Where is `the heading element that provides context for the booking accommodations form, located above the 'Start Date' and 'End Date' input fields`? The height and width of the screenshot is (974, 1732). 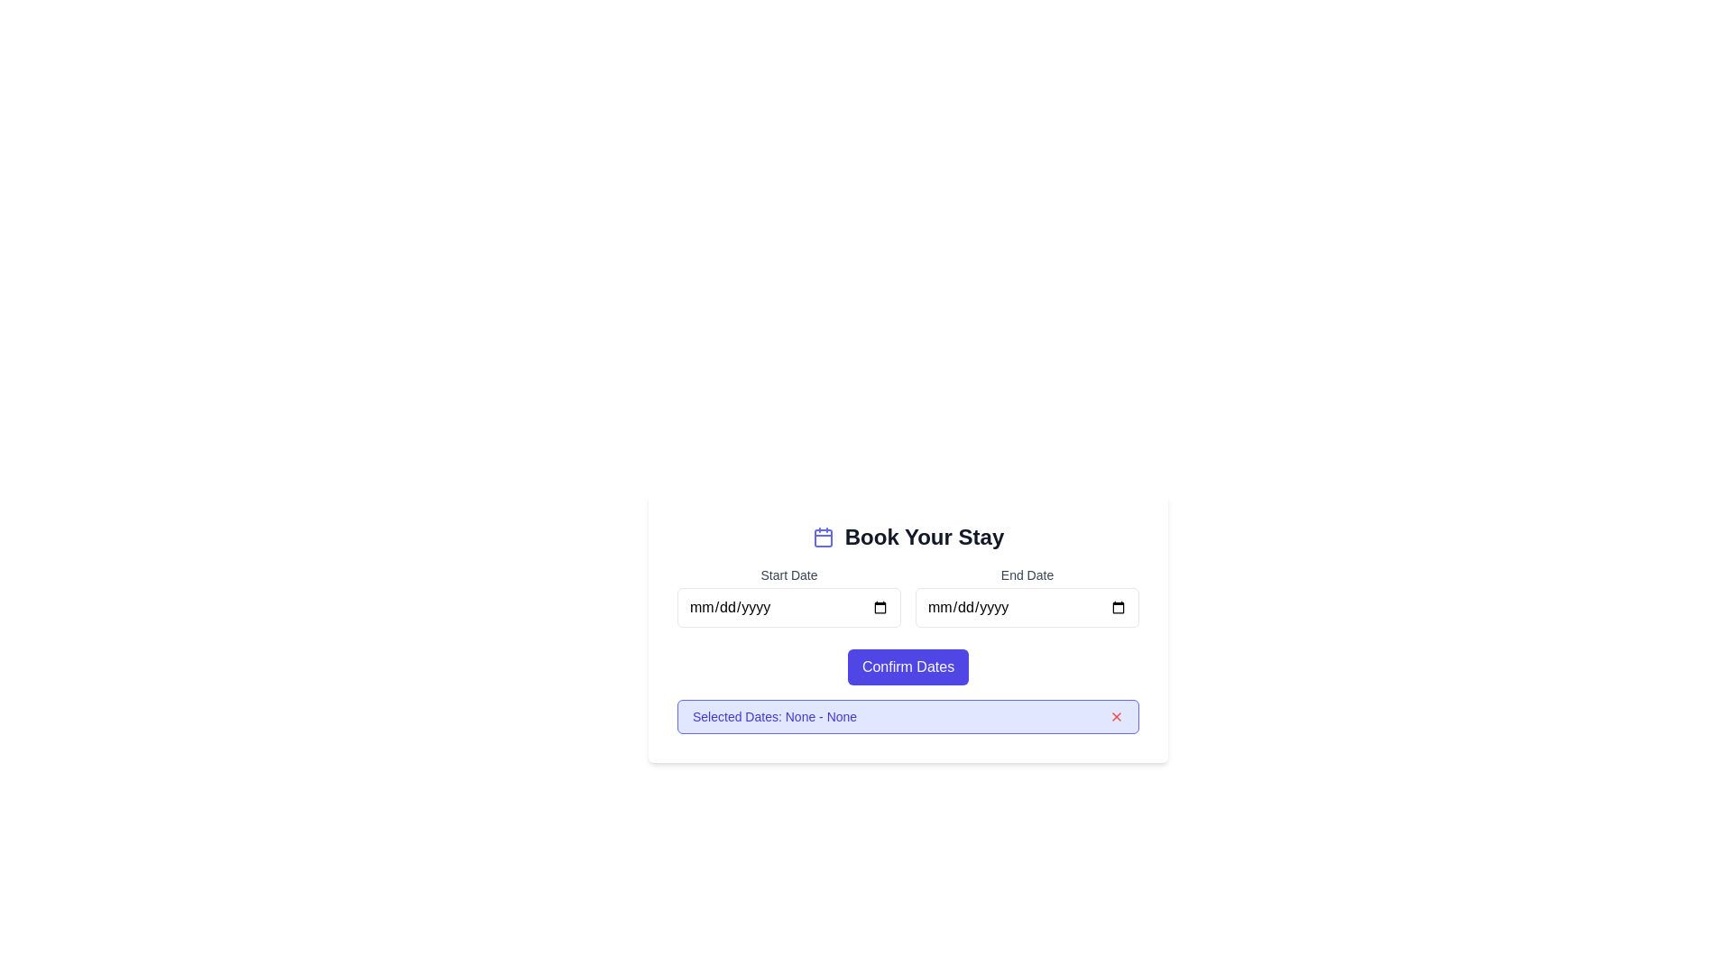
the heading element that provides context for the booking accommodations form, located above the 'Start Date' and 'End Date' input fields is located at coordinates (908, 537).